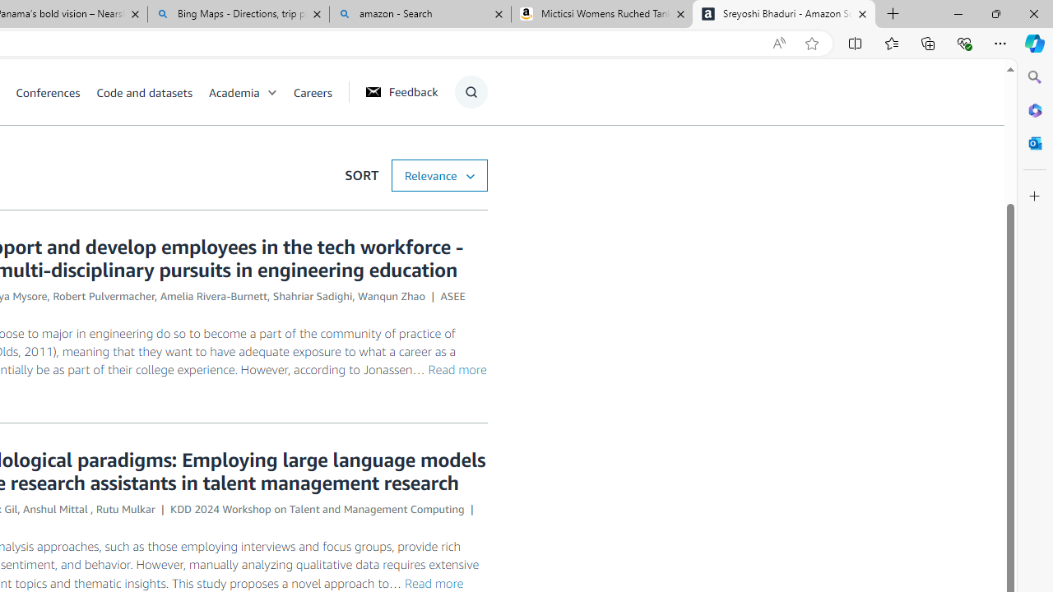 The image size is (1053, 592). Describe the element at coordinates (420, 14) in the screenshot. I see `'amazon - Search'` at that location.